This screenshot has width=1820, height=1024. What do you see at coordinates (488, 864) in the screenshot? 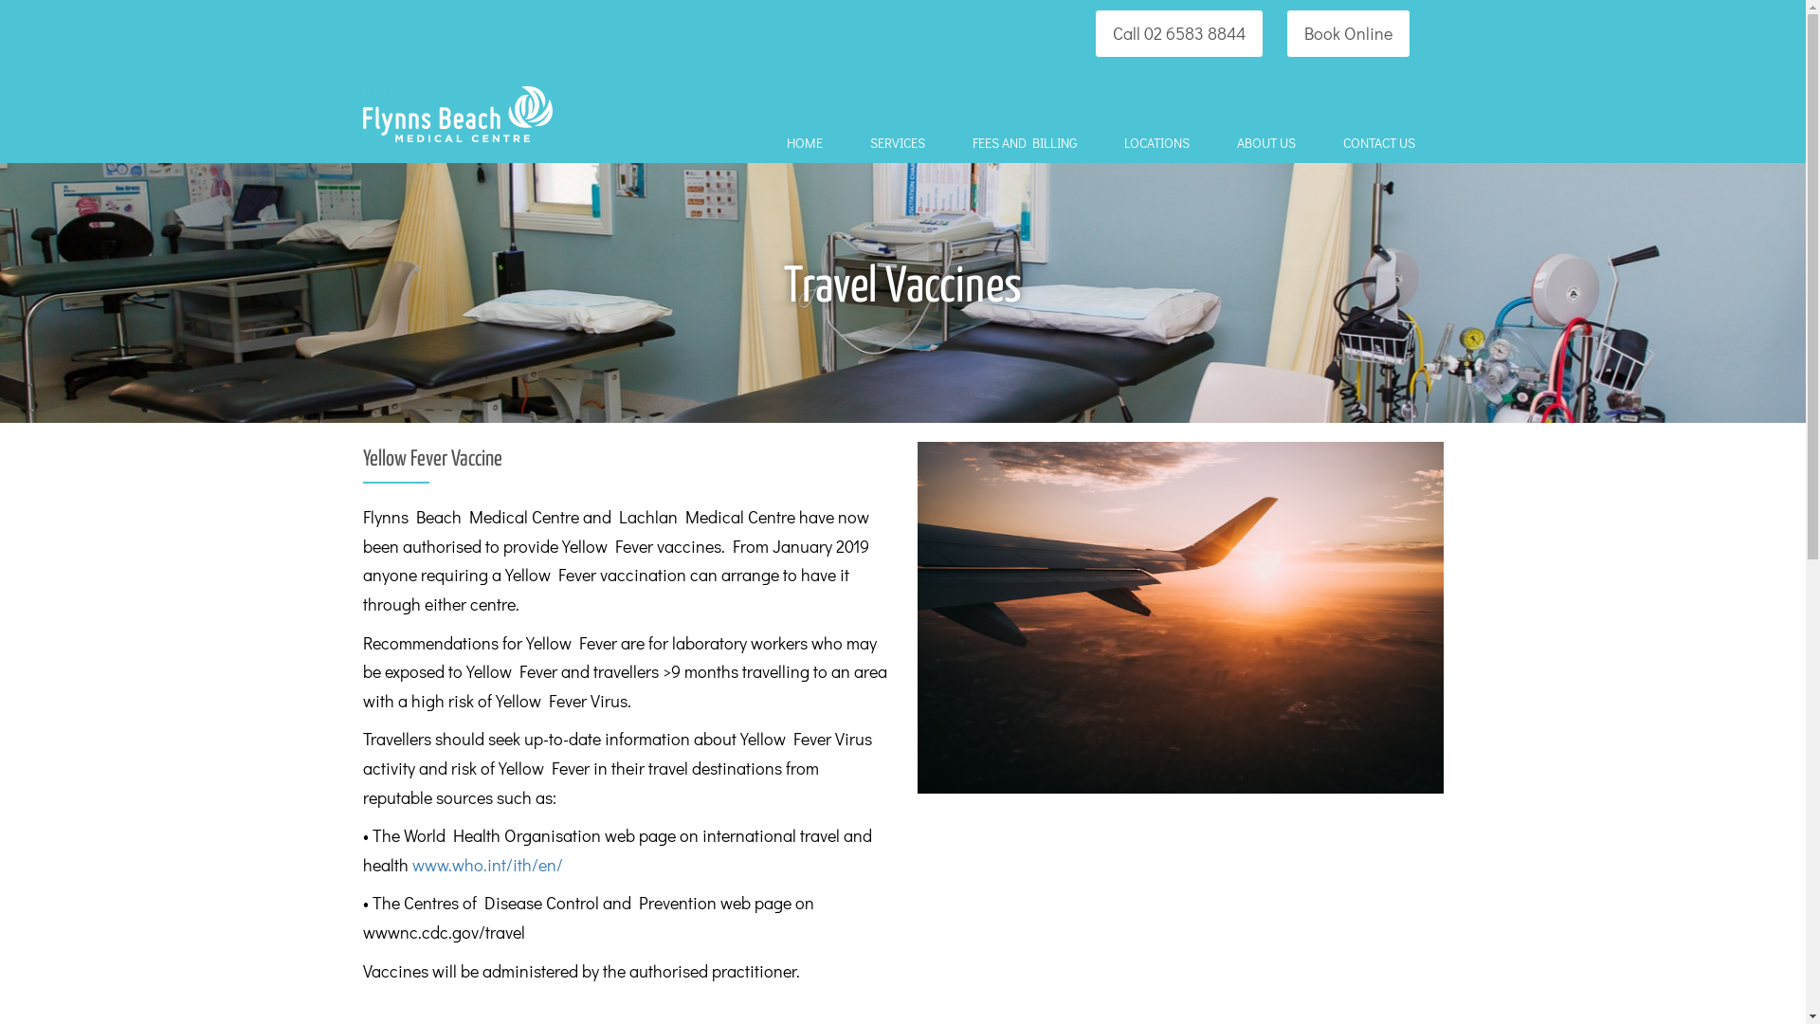
I see `'www.who.int/ith/en/ '` at bounding box center [488, 864].